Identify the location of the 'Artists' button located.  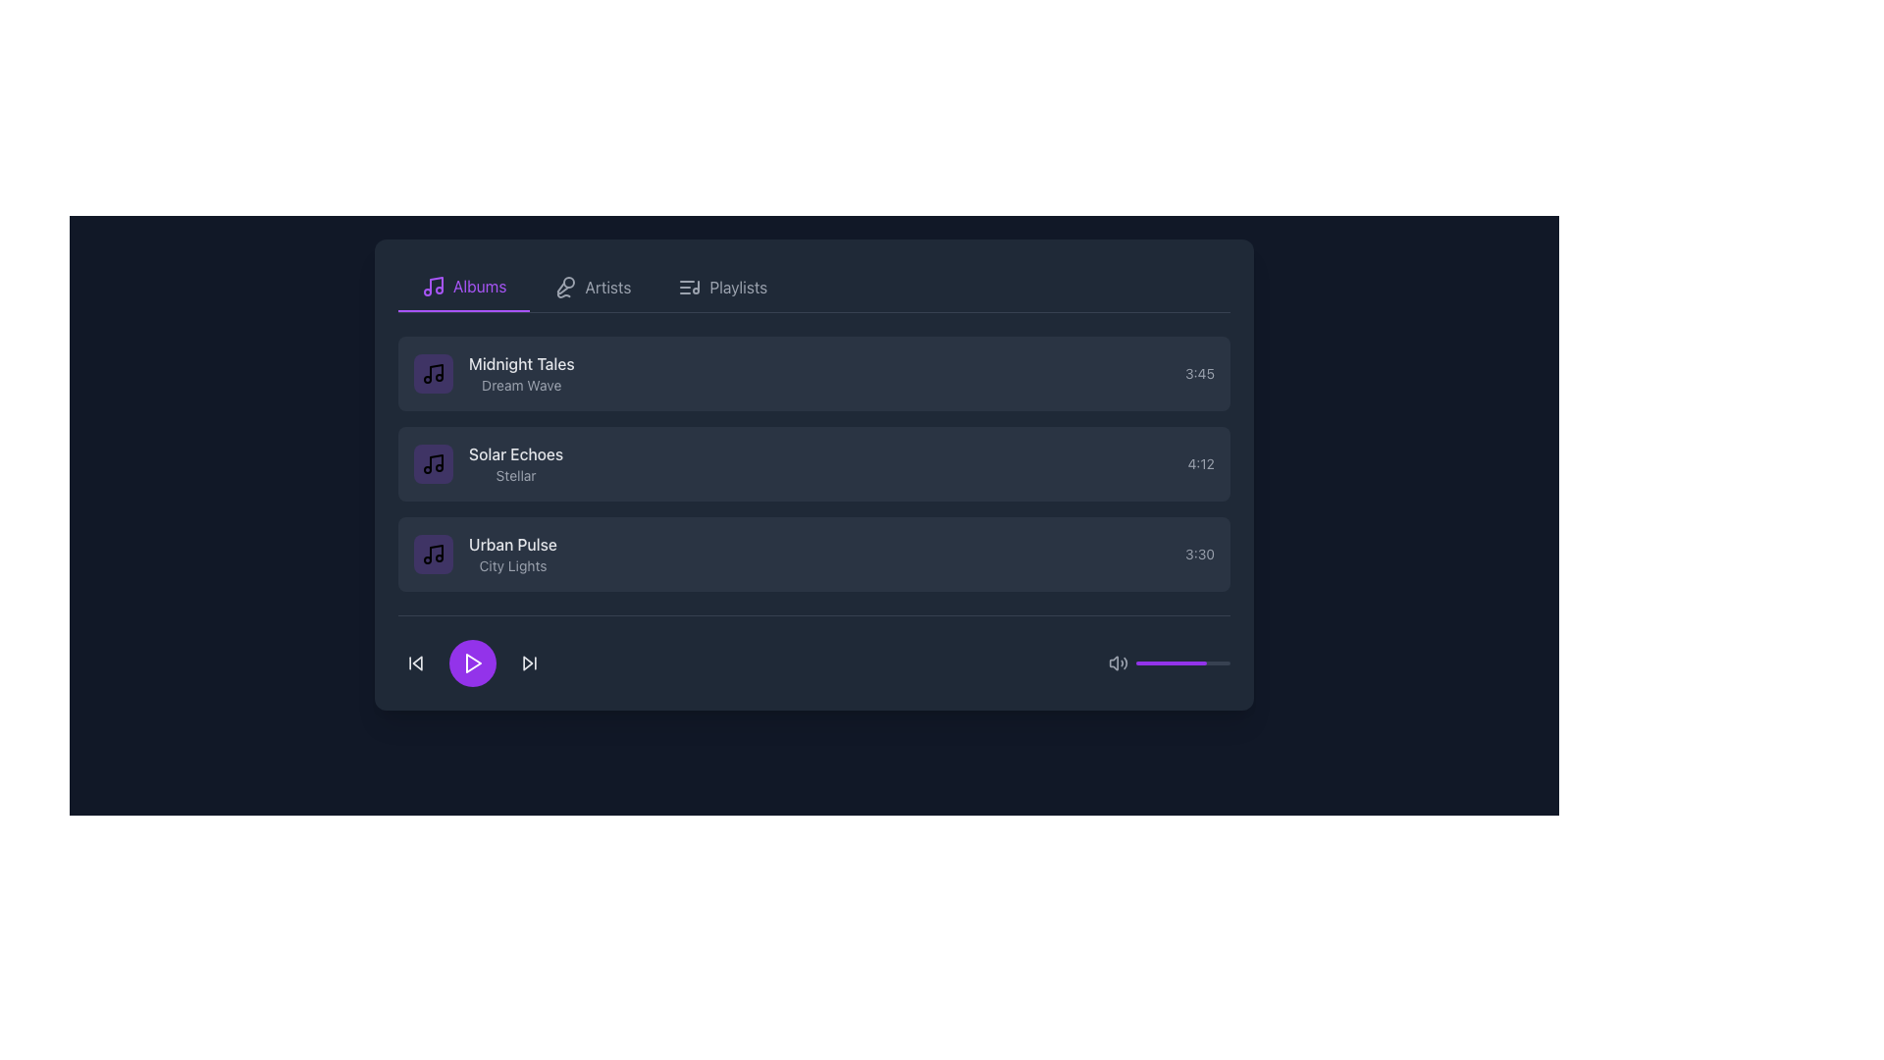
(591, 288).